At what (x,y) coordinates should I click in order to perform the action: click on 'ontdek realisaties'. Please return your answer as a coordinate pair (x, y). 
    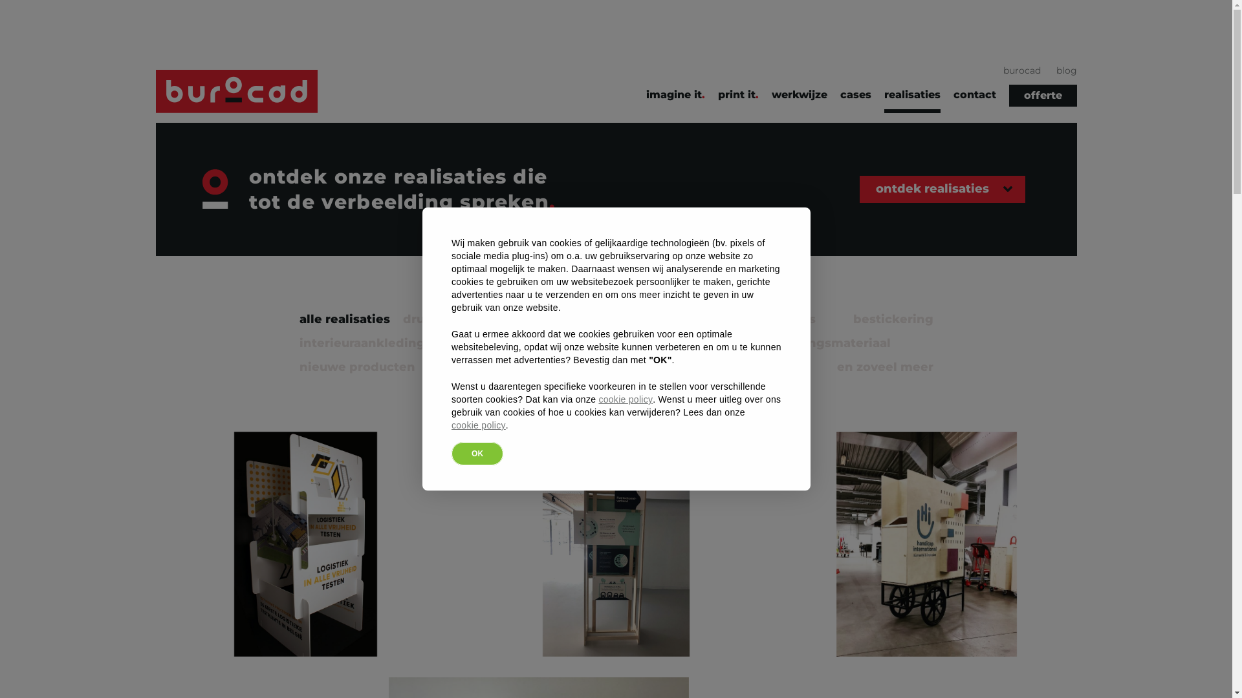
    Looking at the image, I should click on (942, 189).